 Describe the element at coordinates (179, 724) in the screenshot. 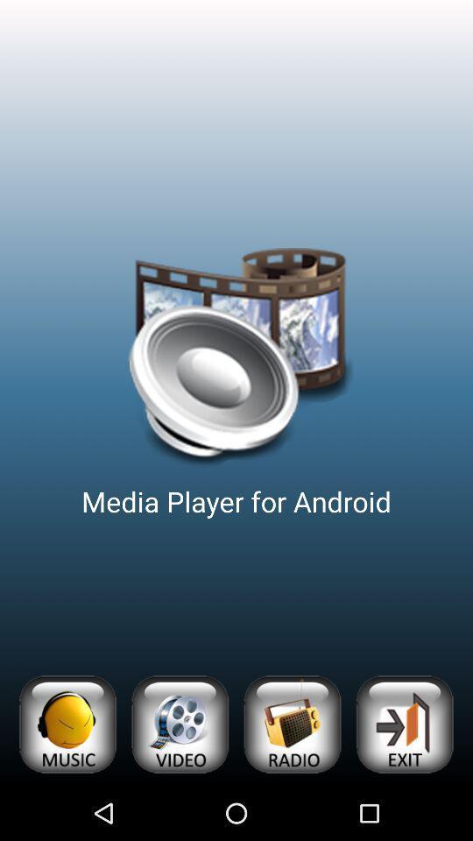

I see `open videos` at that location.